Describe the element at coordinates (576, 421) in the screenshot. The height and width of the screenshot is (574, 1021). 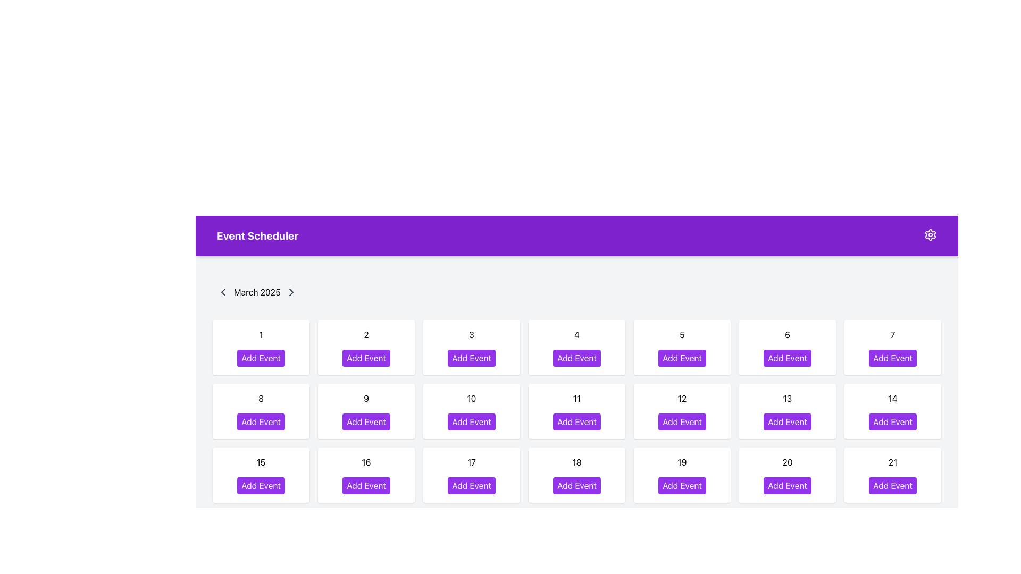
I see `the 'Add Event' button with rounded corners, vibrant purple background, and white text` at that location.